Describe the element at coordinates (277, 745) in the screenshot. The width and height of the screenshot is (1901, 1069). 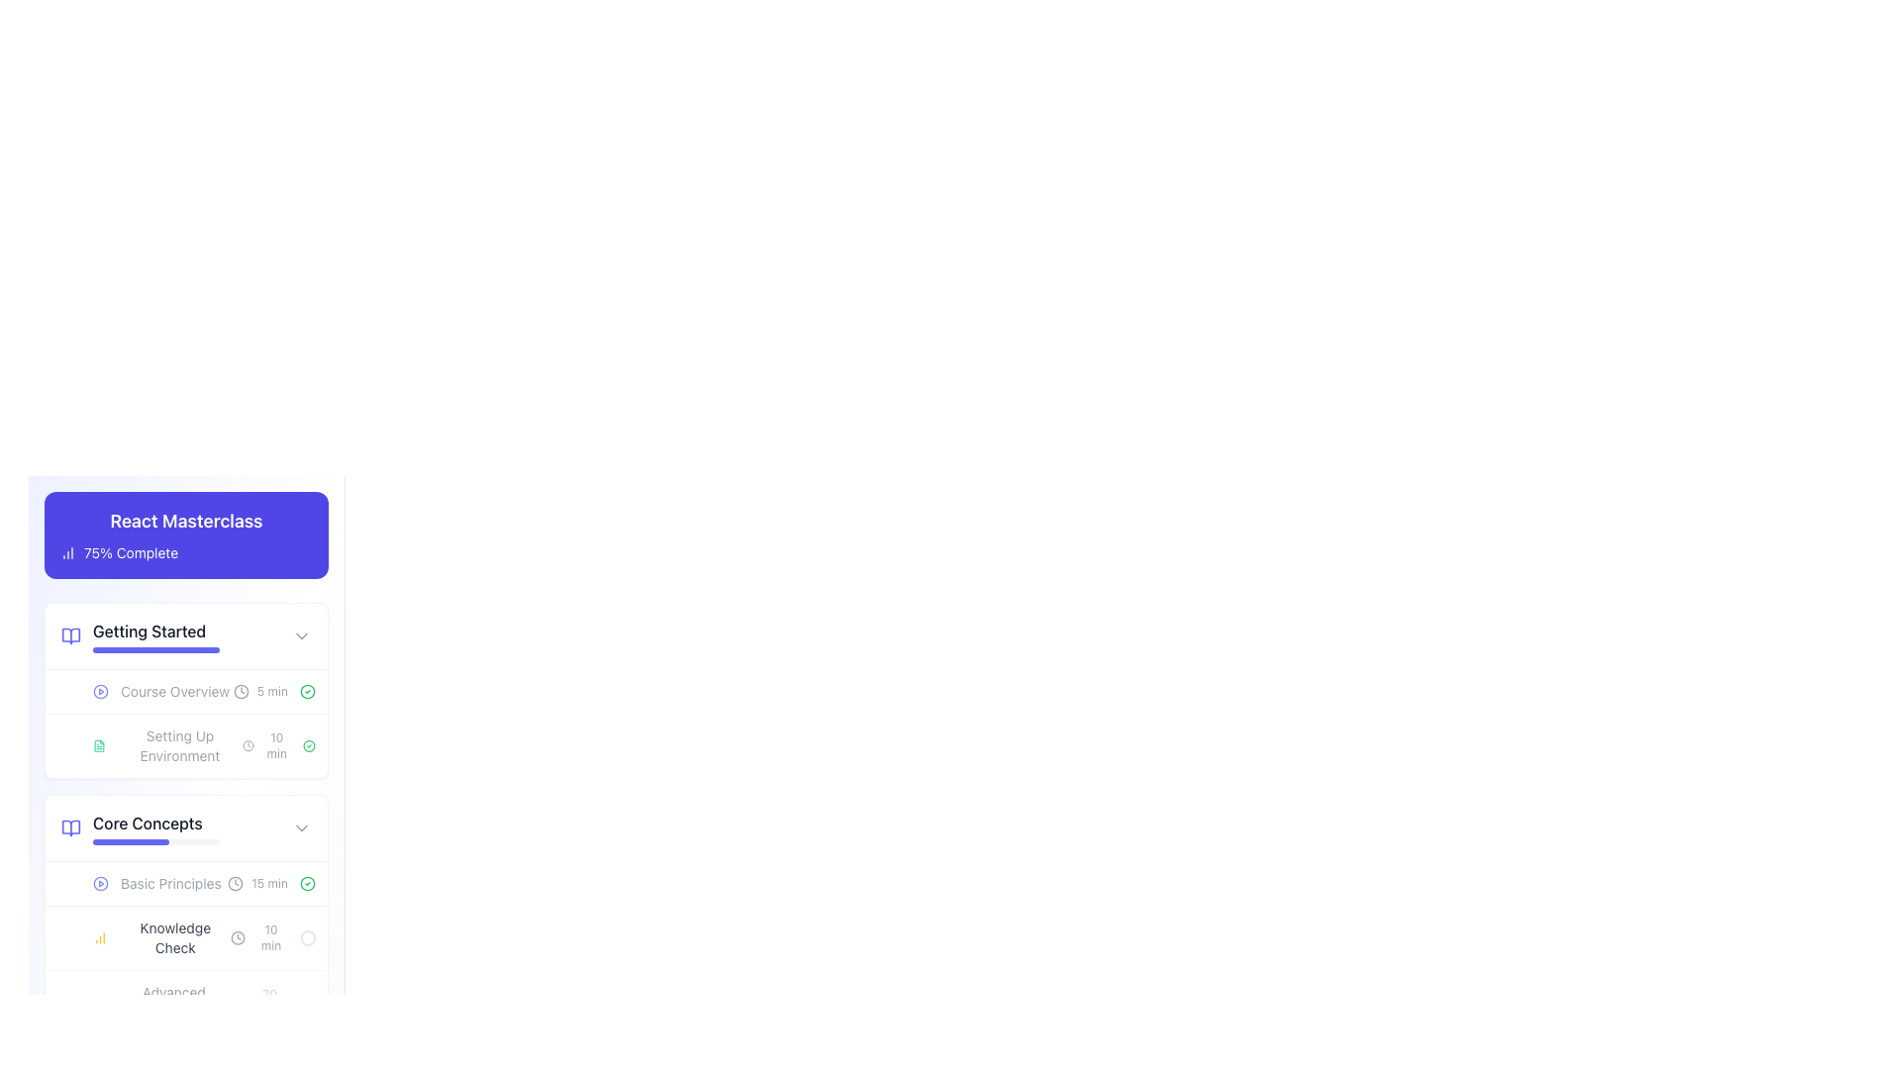
I see `the text label indicating the estimated time duration for the activity 'Setting Up Environment', which is located to the right of the text 'Setting Up Environment'` at that location.